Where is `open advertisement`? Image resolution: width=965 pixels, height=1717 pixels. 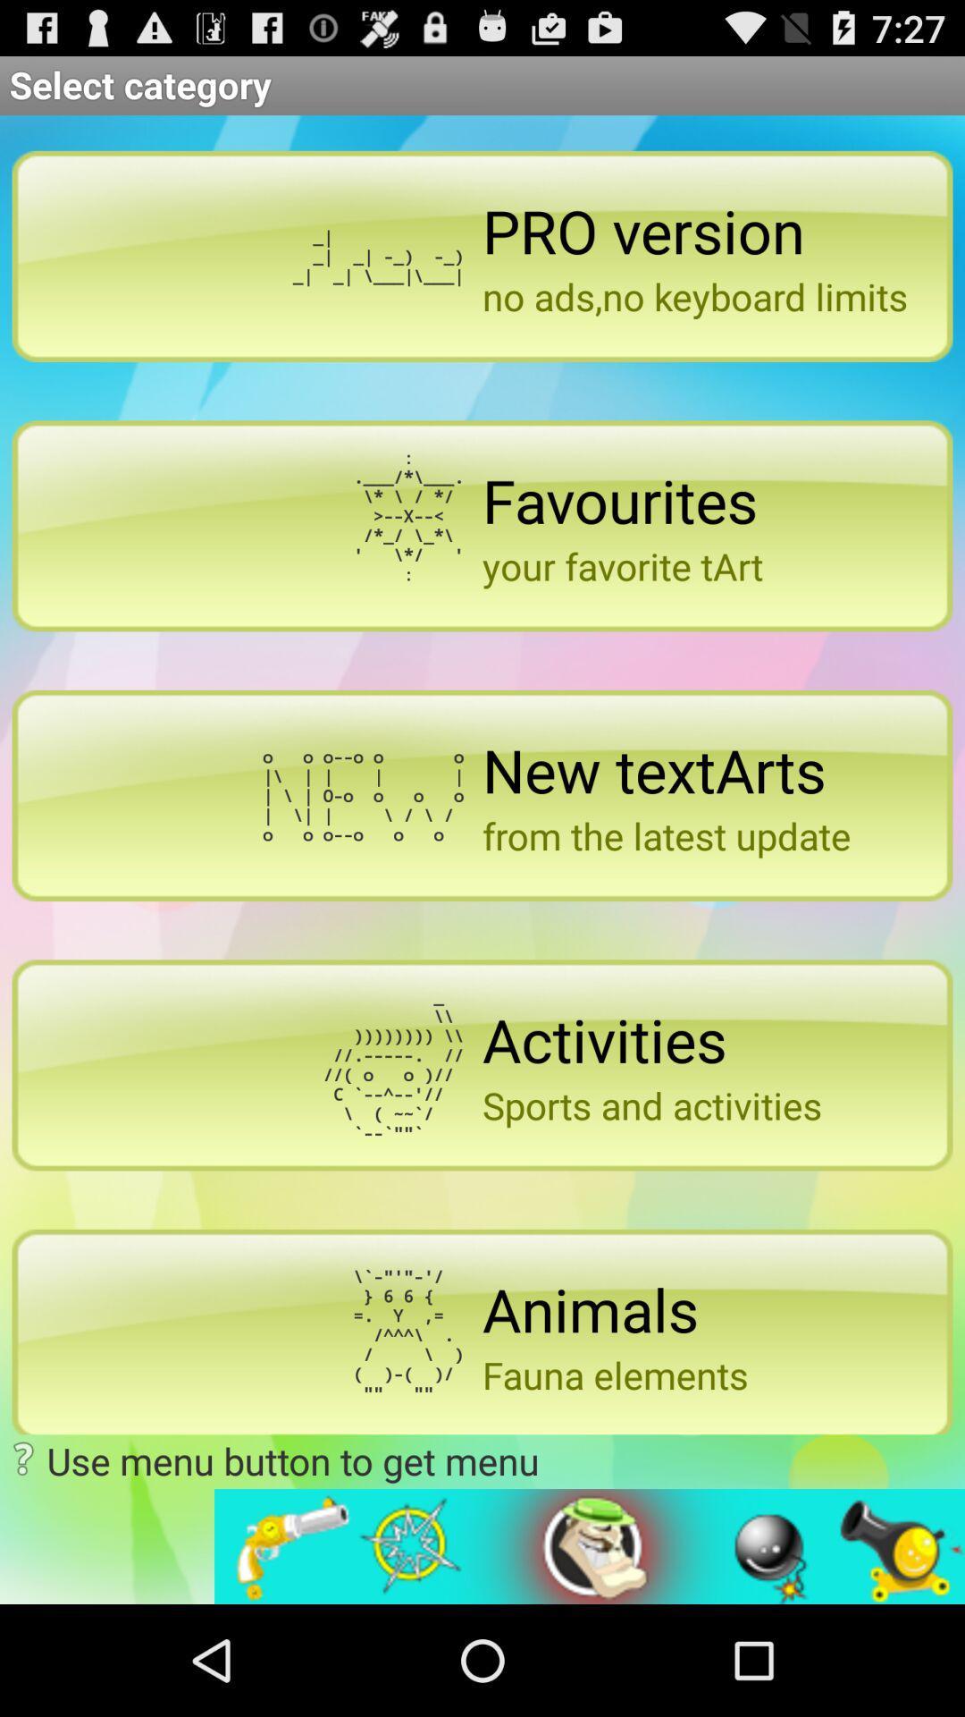 open advertisement is located at coordinates (589, 1545).